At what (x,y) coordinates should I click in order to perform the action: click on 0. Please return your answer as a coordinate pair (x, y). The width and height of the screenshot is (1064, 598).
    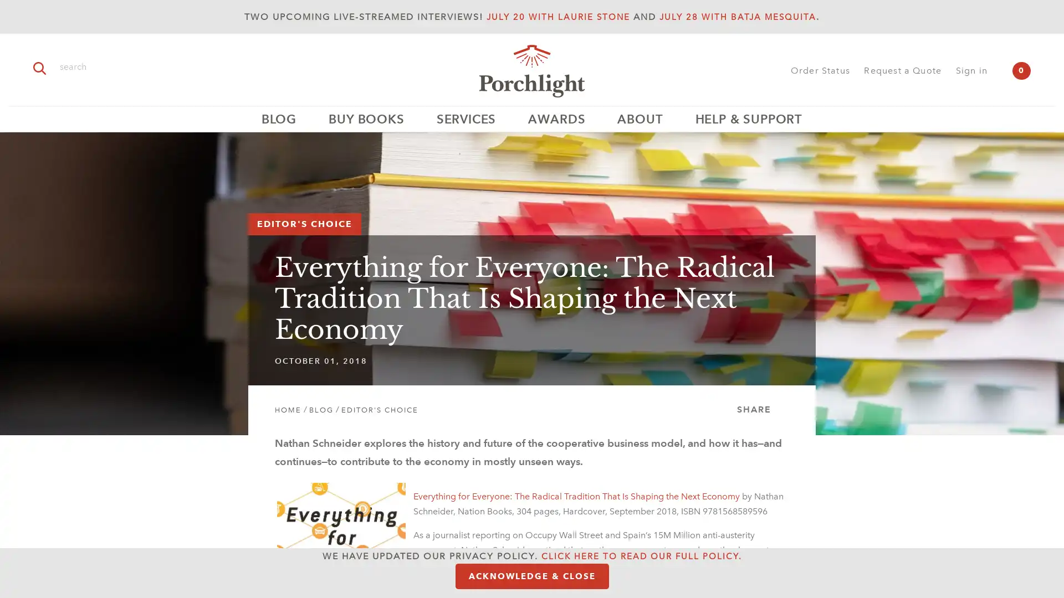
    Looking at the image, I should click on (1021, 70).